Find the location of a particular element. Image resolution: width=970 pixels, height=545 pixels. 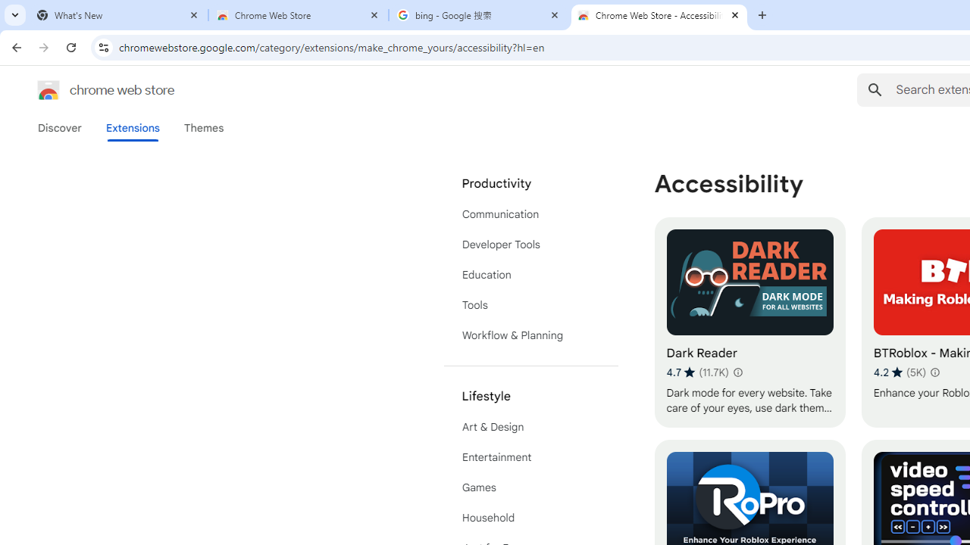

'Average rating 4.2 out of 5 stars. 5K ratings.' is located at coordinates (900, 372).